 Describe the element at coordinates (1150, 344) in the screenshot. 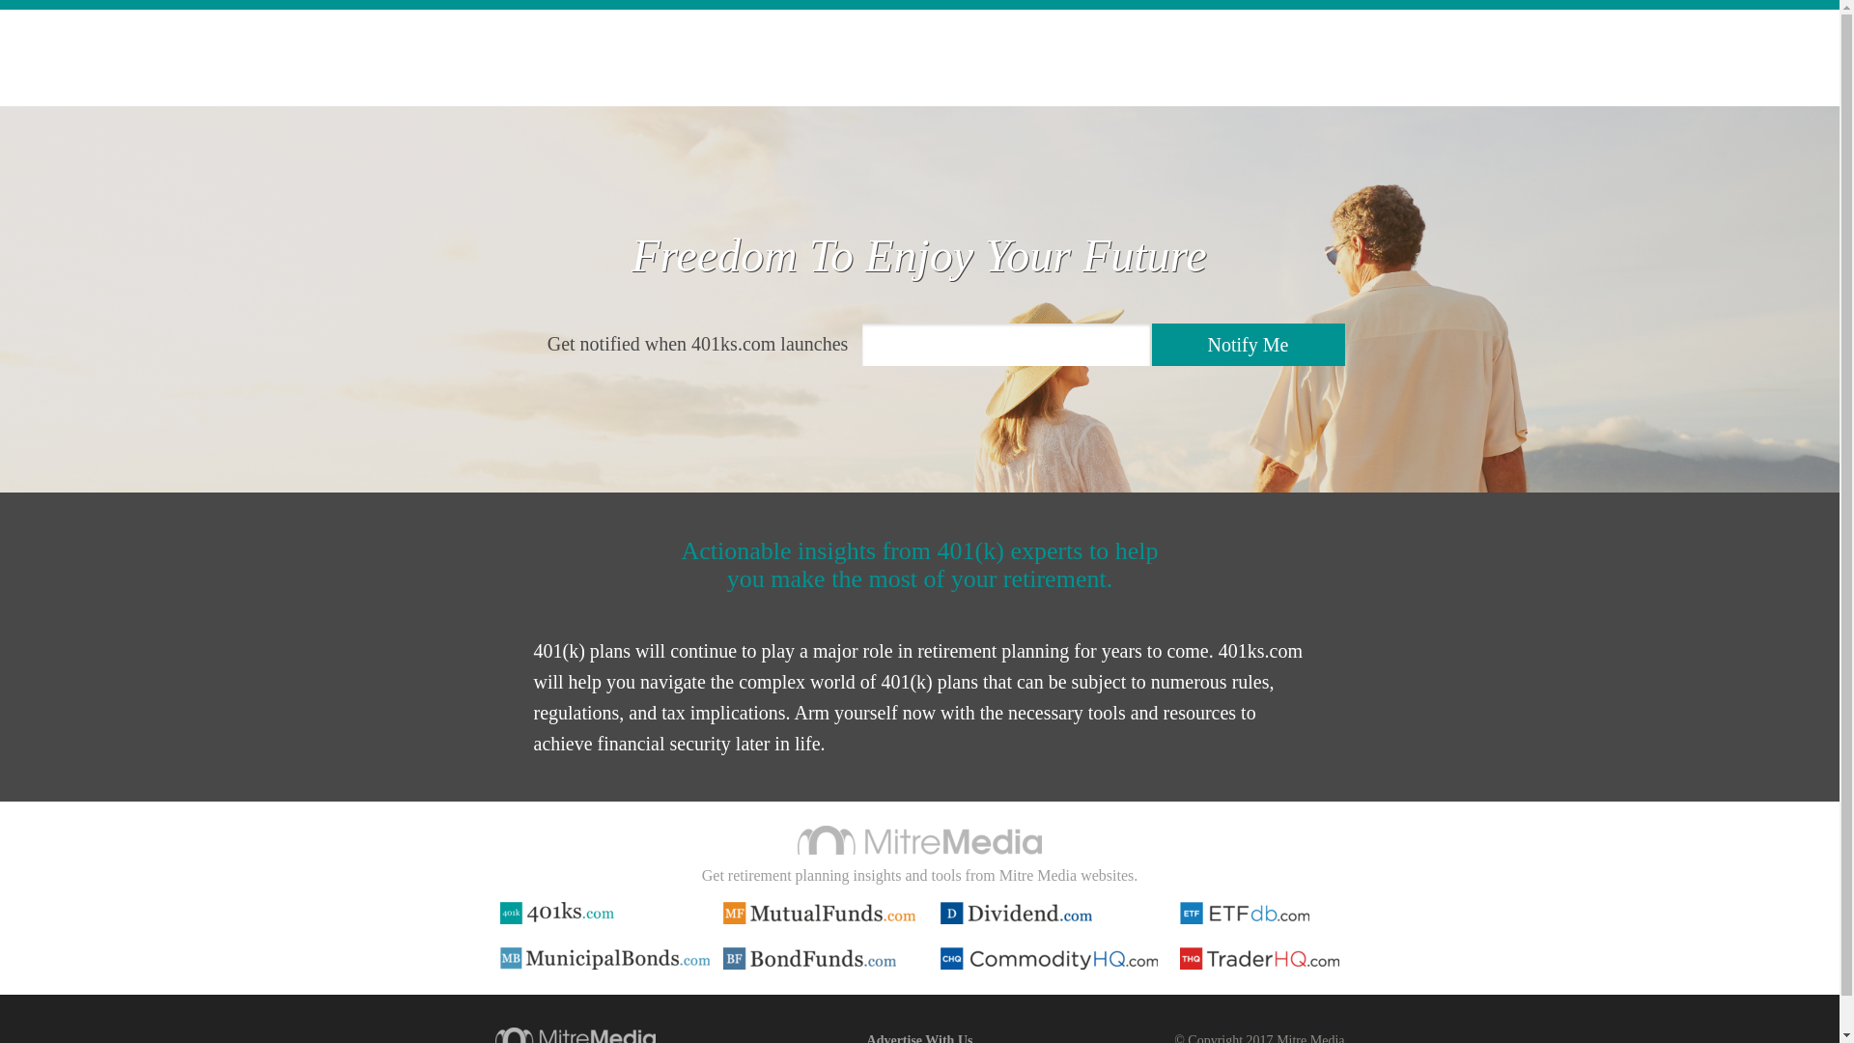

I see `'Notify Me'` at that location.